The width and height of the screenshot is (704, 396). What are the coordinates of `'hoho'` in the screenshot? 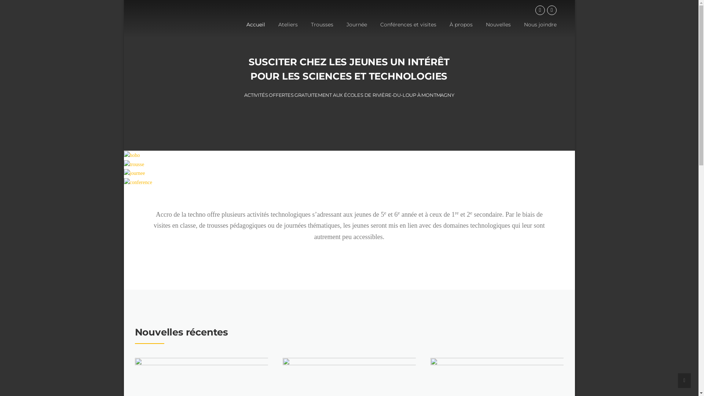 It's located at (132, 155).